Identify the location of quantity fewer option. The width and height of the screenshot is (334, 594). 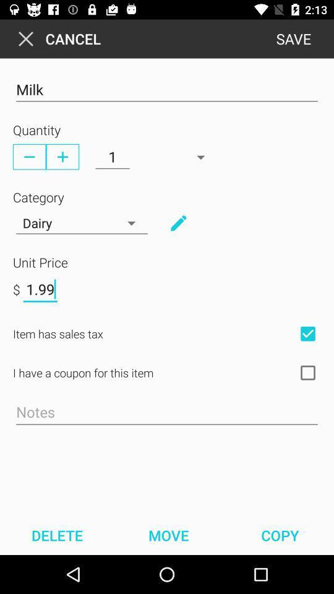
(29, 156).